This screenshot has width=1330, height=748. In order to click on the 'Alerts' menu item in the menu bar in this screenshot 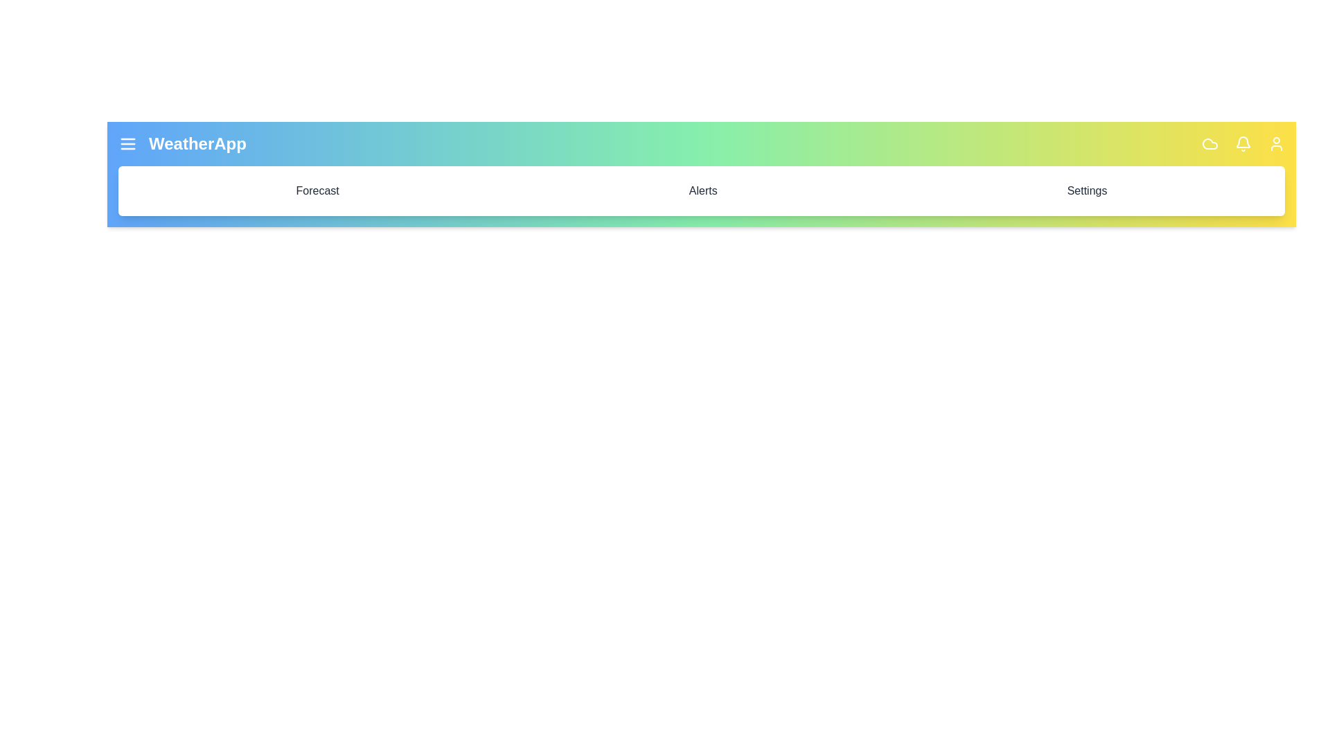, I will do `click(702, 191)`.